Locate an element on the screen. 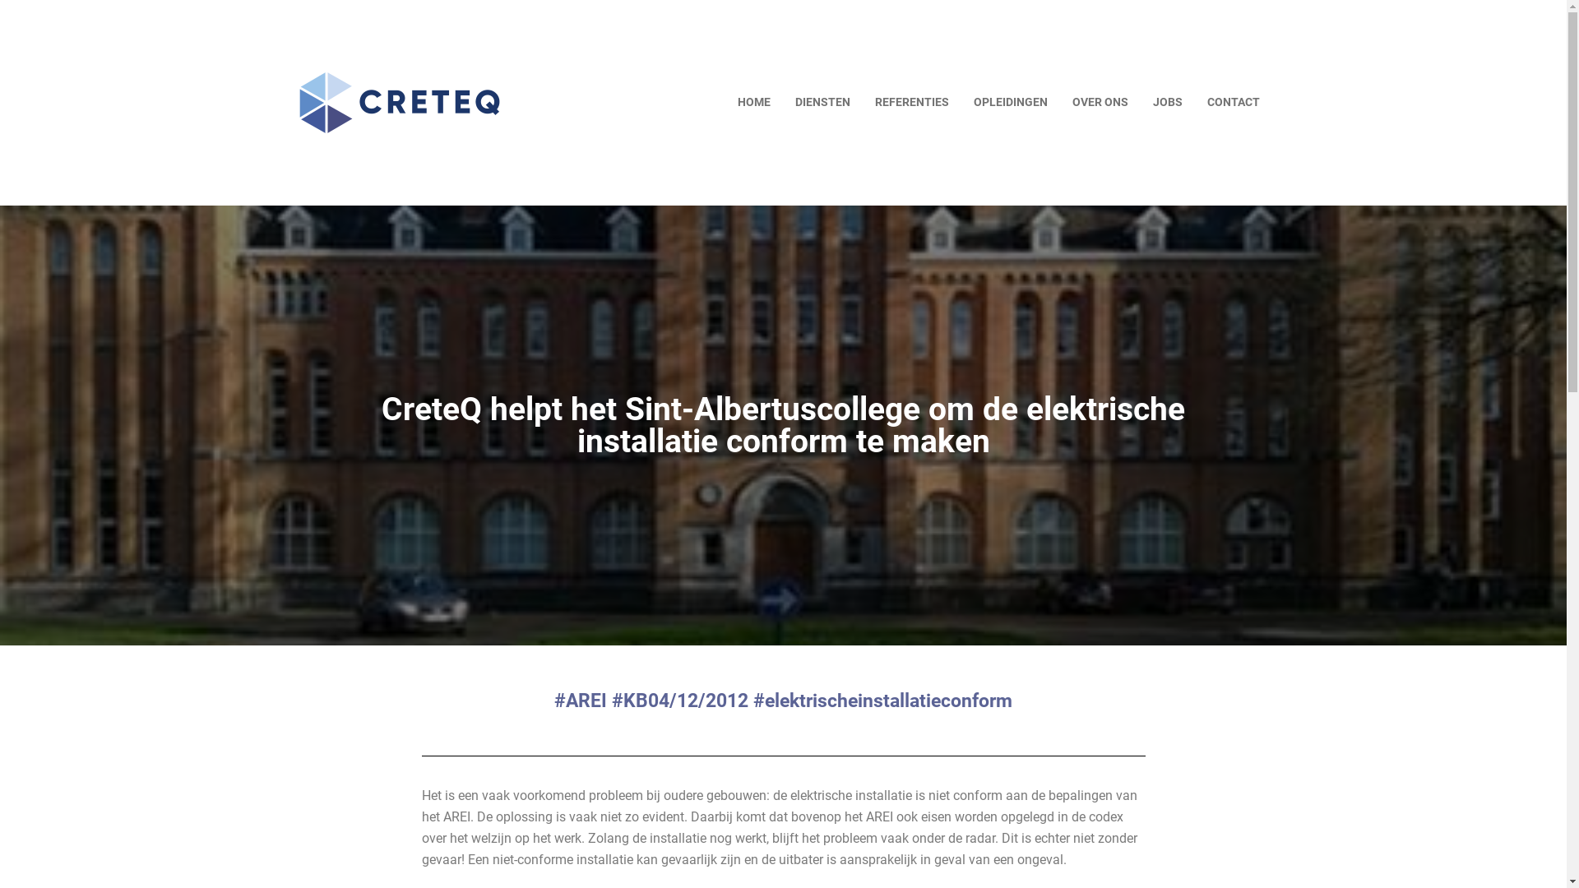  'CONTACT' is located at coordinates (1232, 102).